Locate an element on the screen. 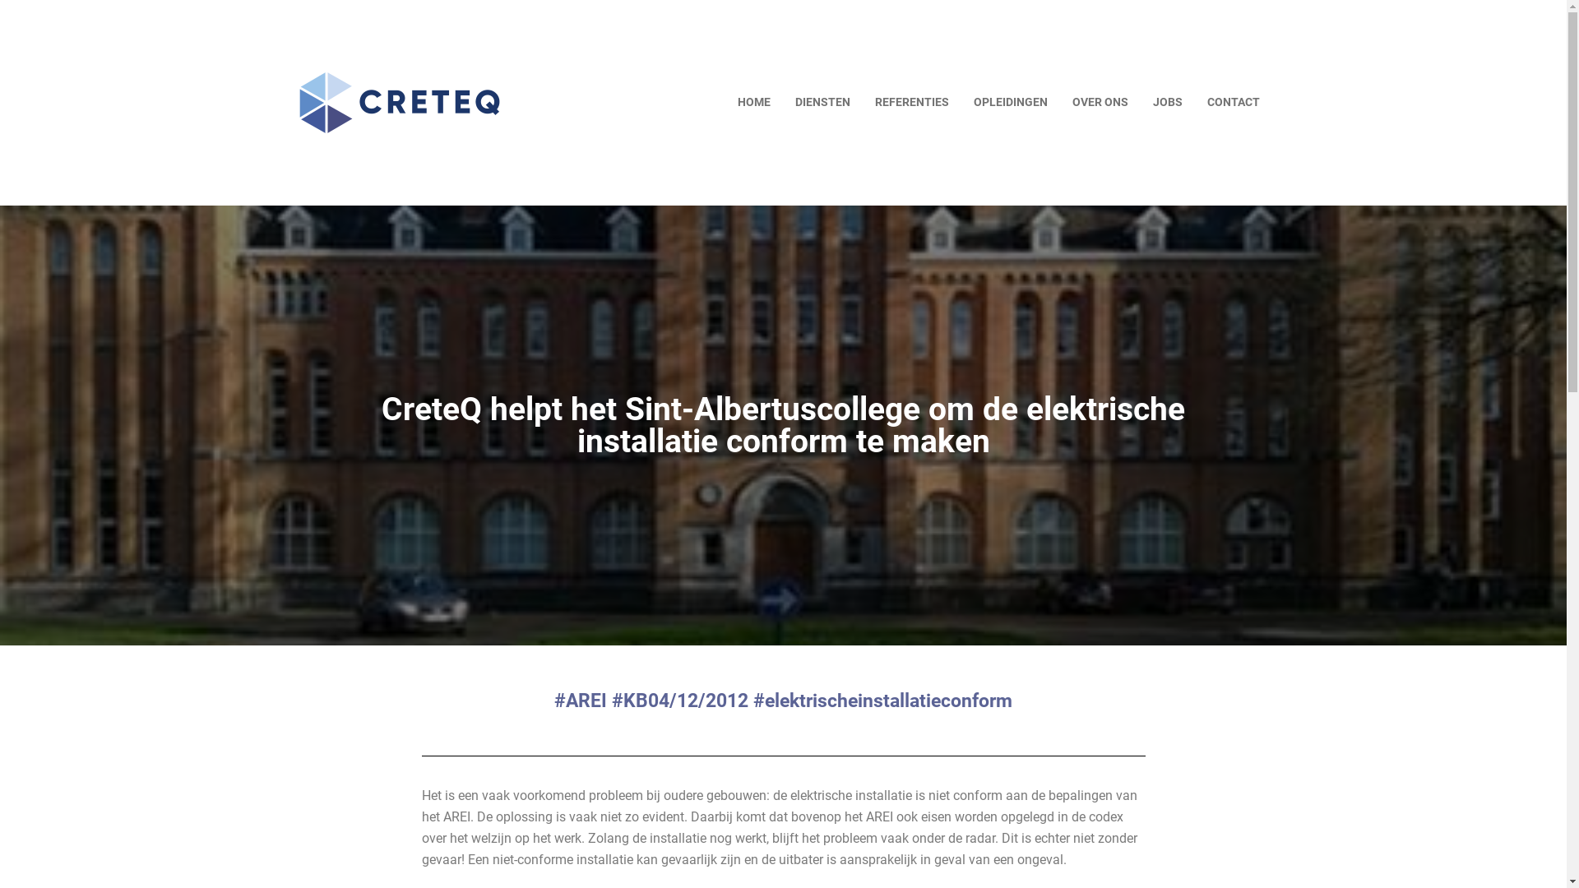  'CONTACT' is located at coordinates (1232, 102).